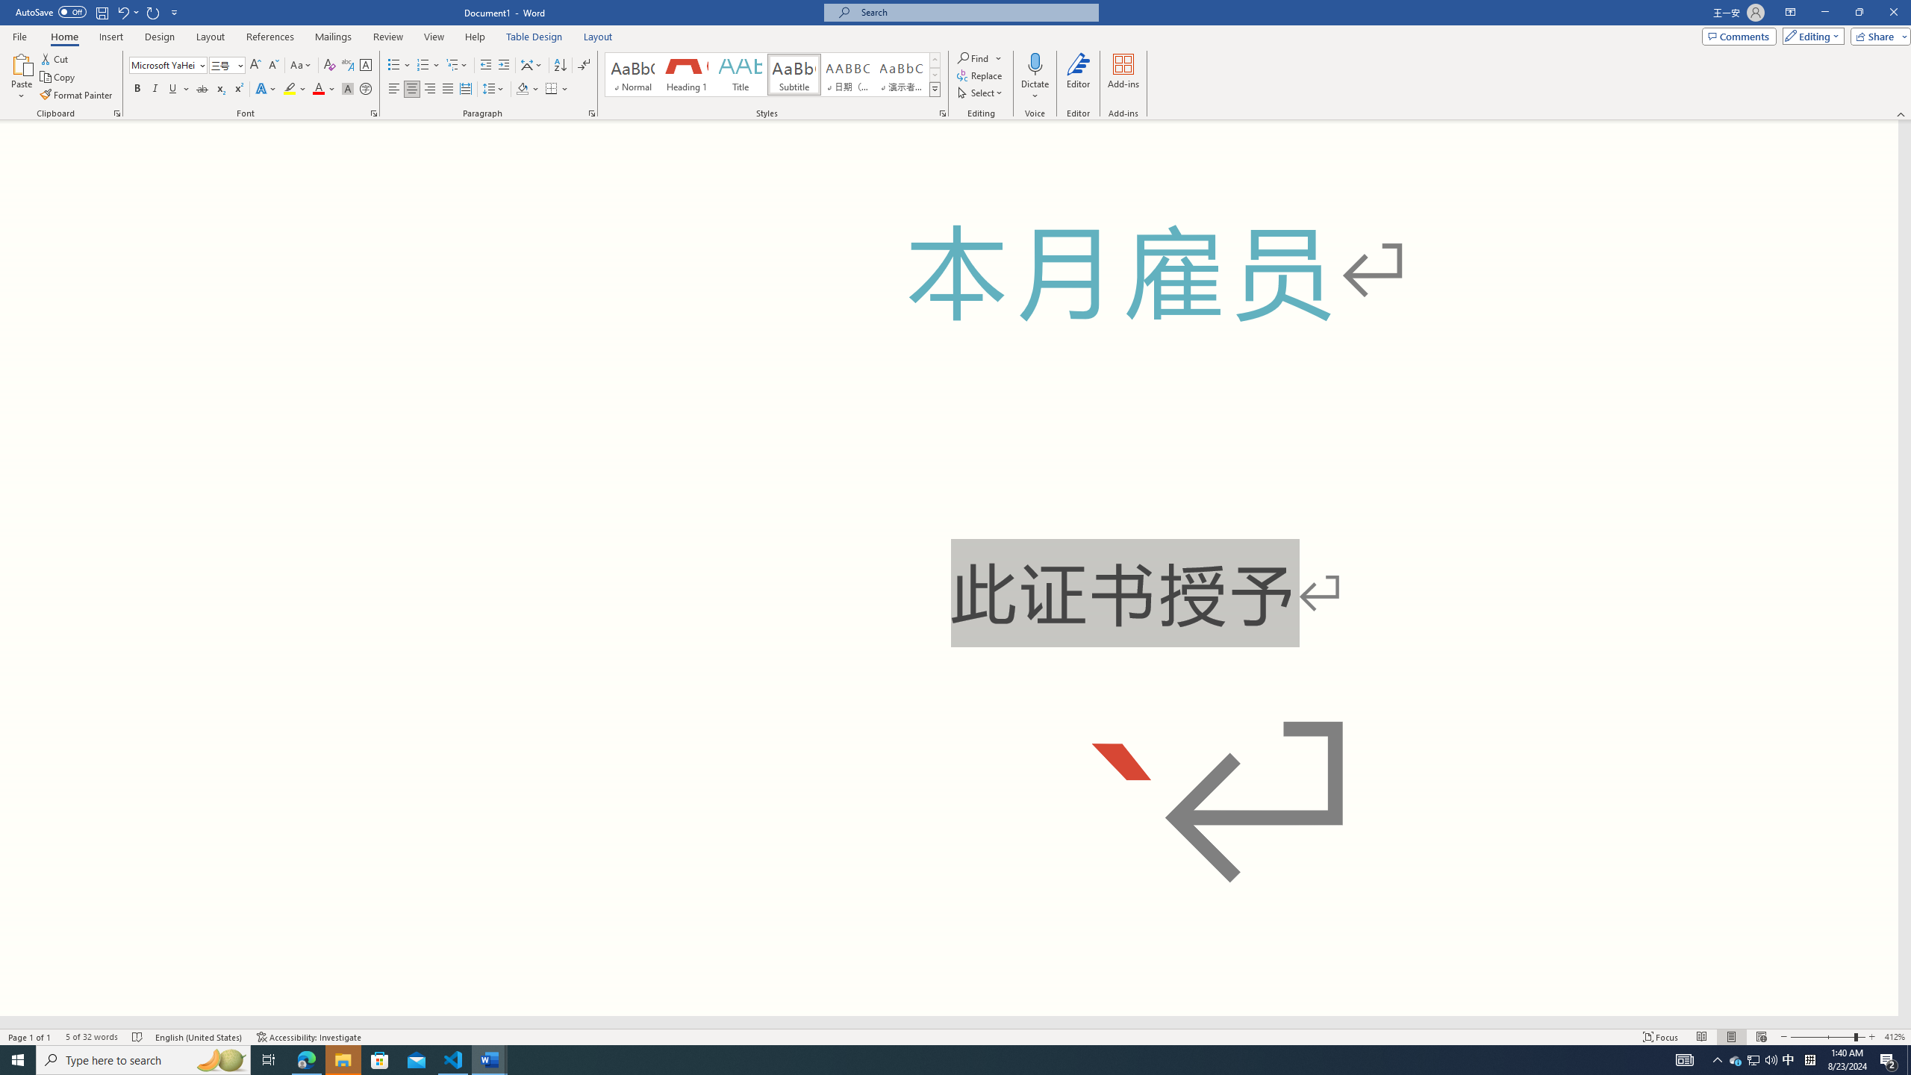 The image size is (1911, 1075). I want to click on 'Styles', so click(934, 88).